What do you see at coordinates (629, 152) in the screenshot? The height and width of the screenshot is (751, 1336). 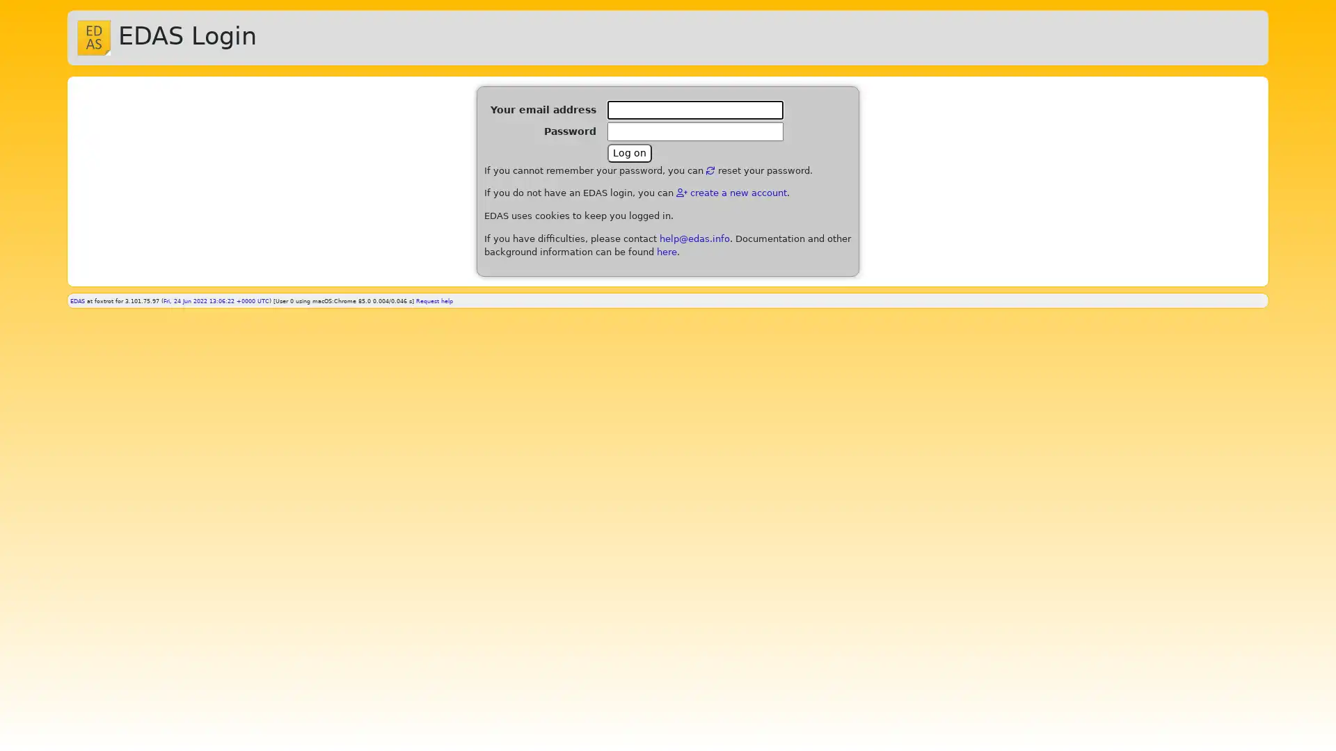 I see `Log on` at bounding box center [629, 152].